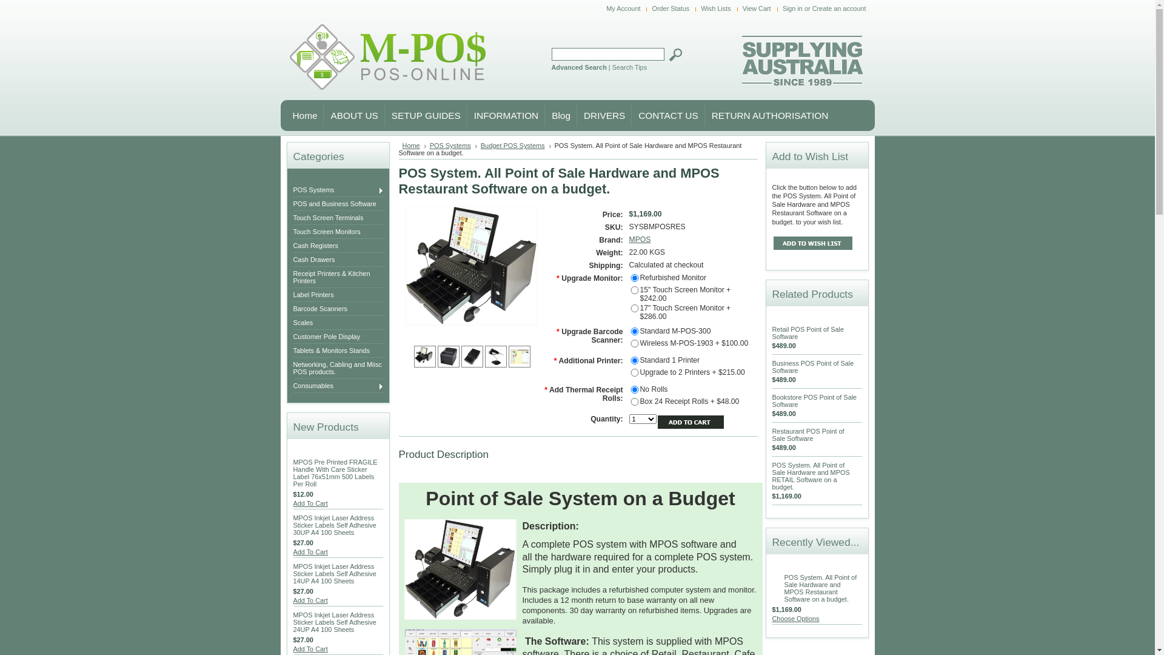  What do you see at coordinates (340, 295) in the screenshot?
I see `'Label Printers'` at bounding box center [340, 295].